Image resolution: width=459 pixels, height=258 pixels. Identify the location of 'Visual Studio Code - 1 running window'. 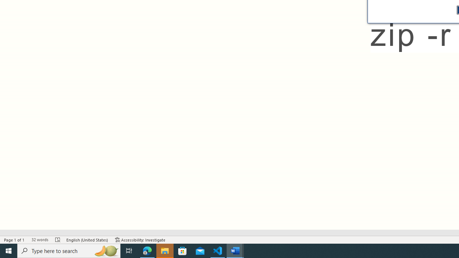
(217, 250).